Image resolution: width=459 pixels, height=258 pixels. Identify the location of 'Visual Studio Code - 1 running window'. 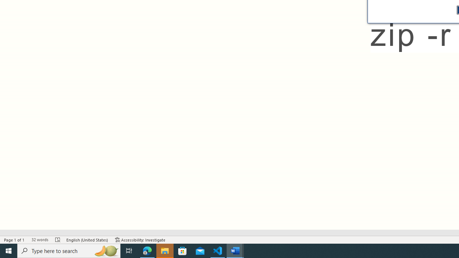
(217, 250).